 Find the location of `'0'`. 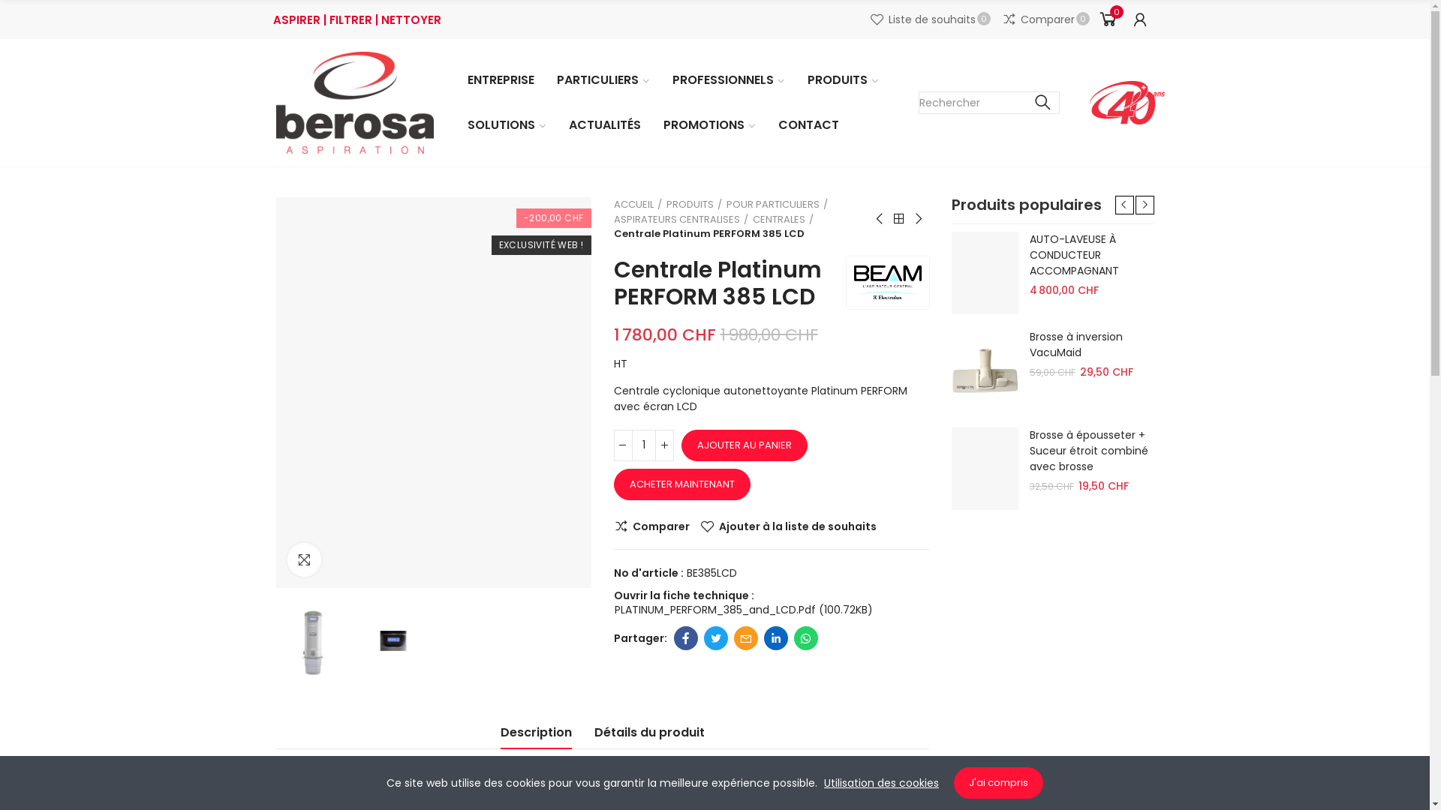

'0' is located at coordinates (1106, 19).